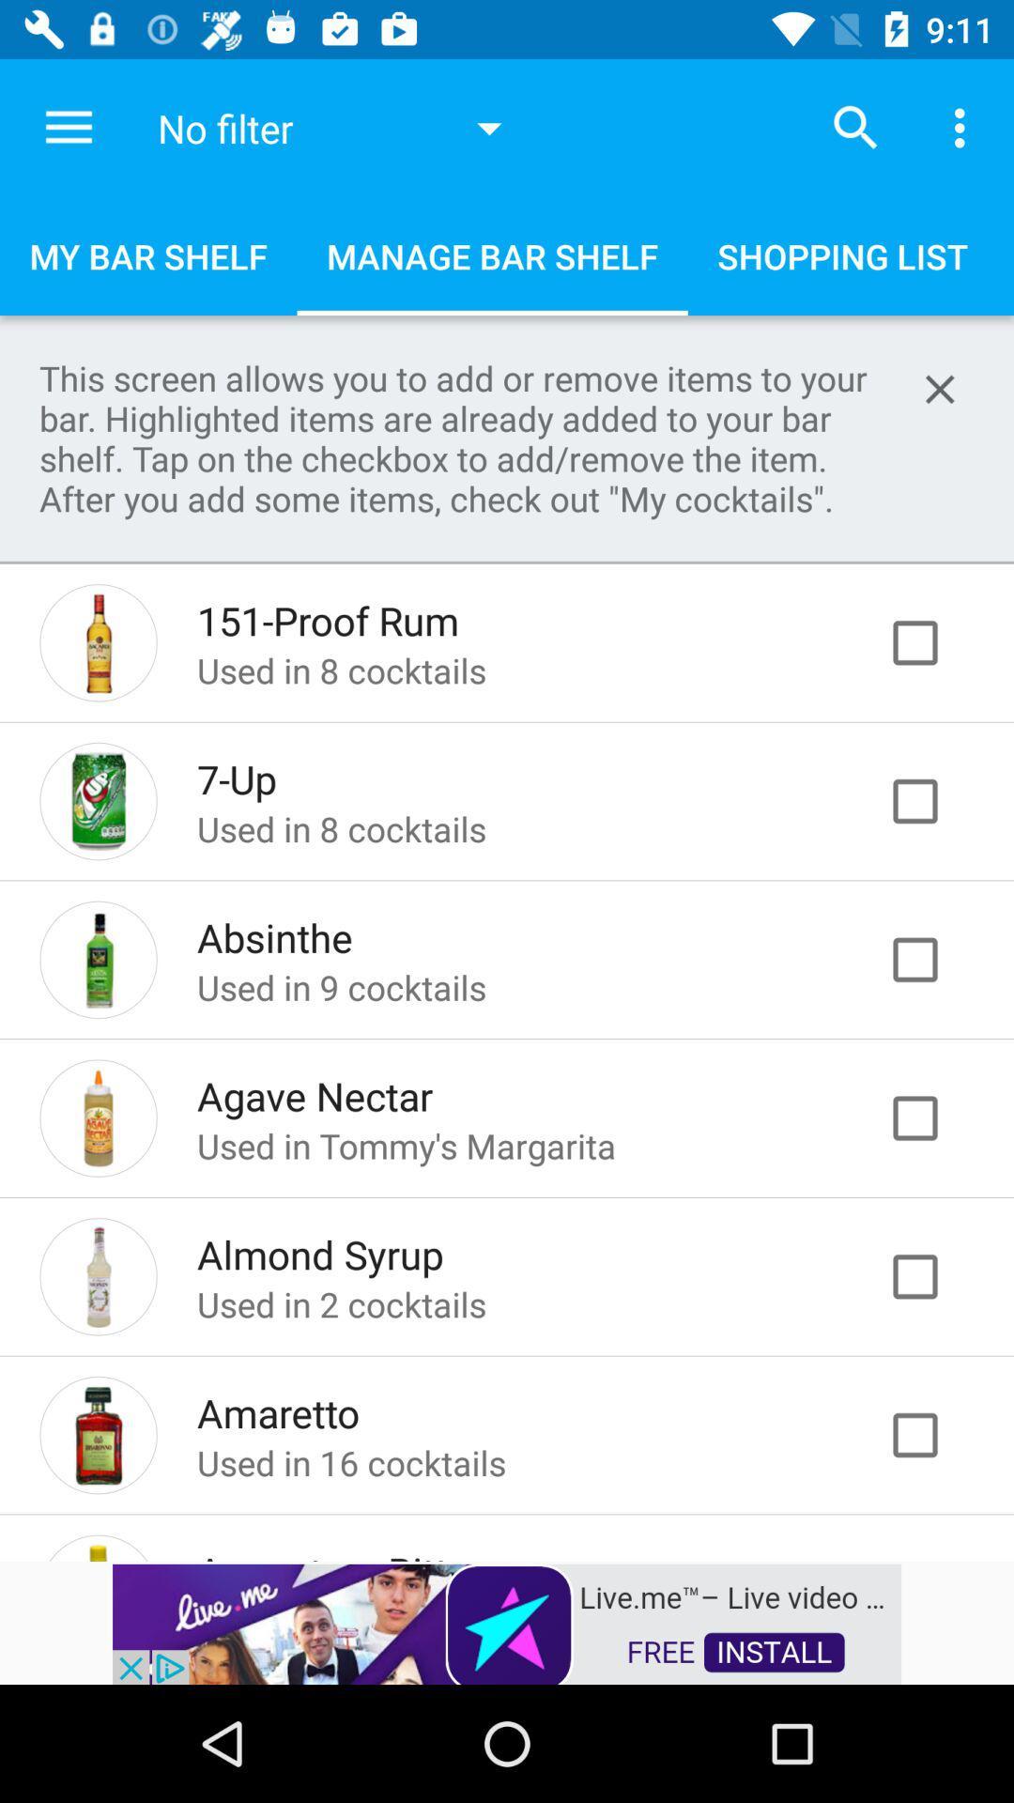  What do you see at coordinates (934, 960) in the screenshot?
I see `ok` at bounding box center [934, 960].